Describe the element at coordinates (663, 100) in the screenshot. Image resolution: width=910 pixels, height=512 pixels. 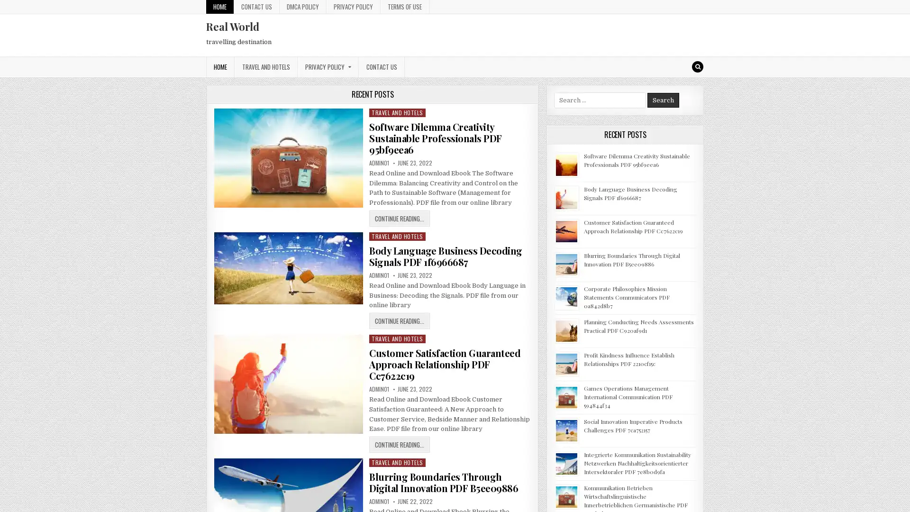
I see `Search` at that location.